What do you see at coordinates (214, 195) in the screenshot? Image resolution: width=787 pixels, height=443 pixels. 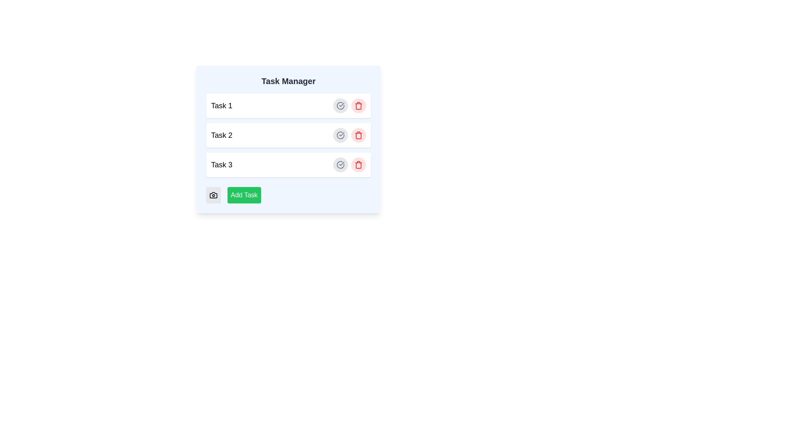 I see `the square button with a light gray background and a black camera icon, located at the bottom-left corner of the 'Task Manager' interface` at bounding box center [214, 195].